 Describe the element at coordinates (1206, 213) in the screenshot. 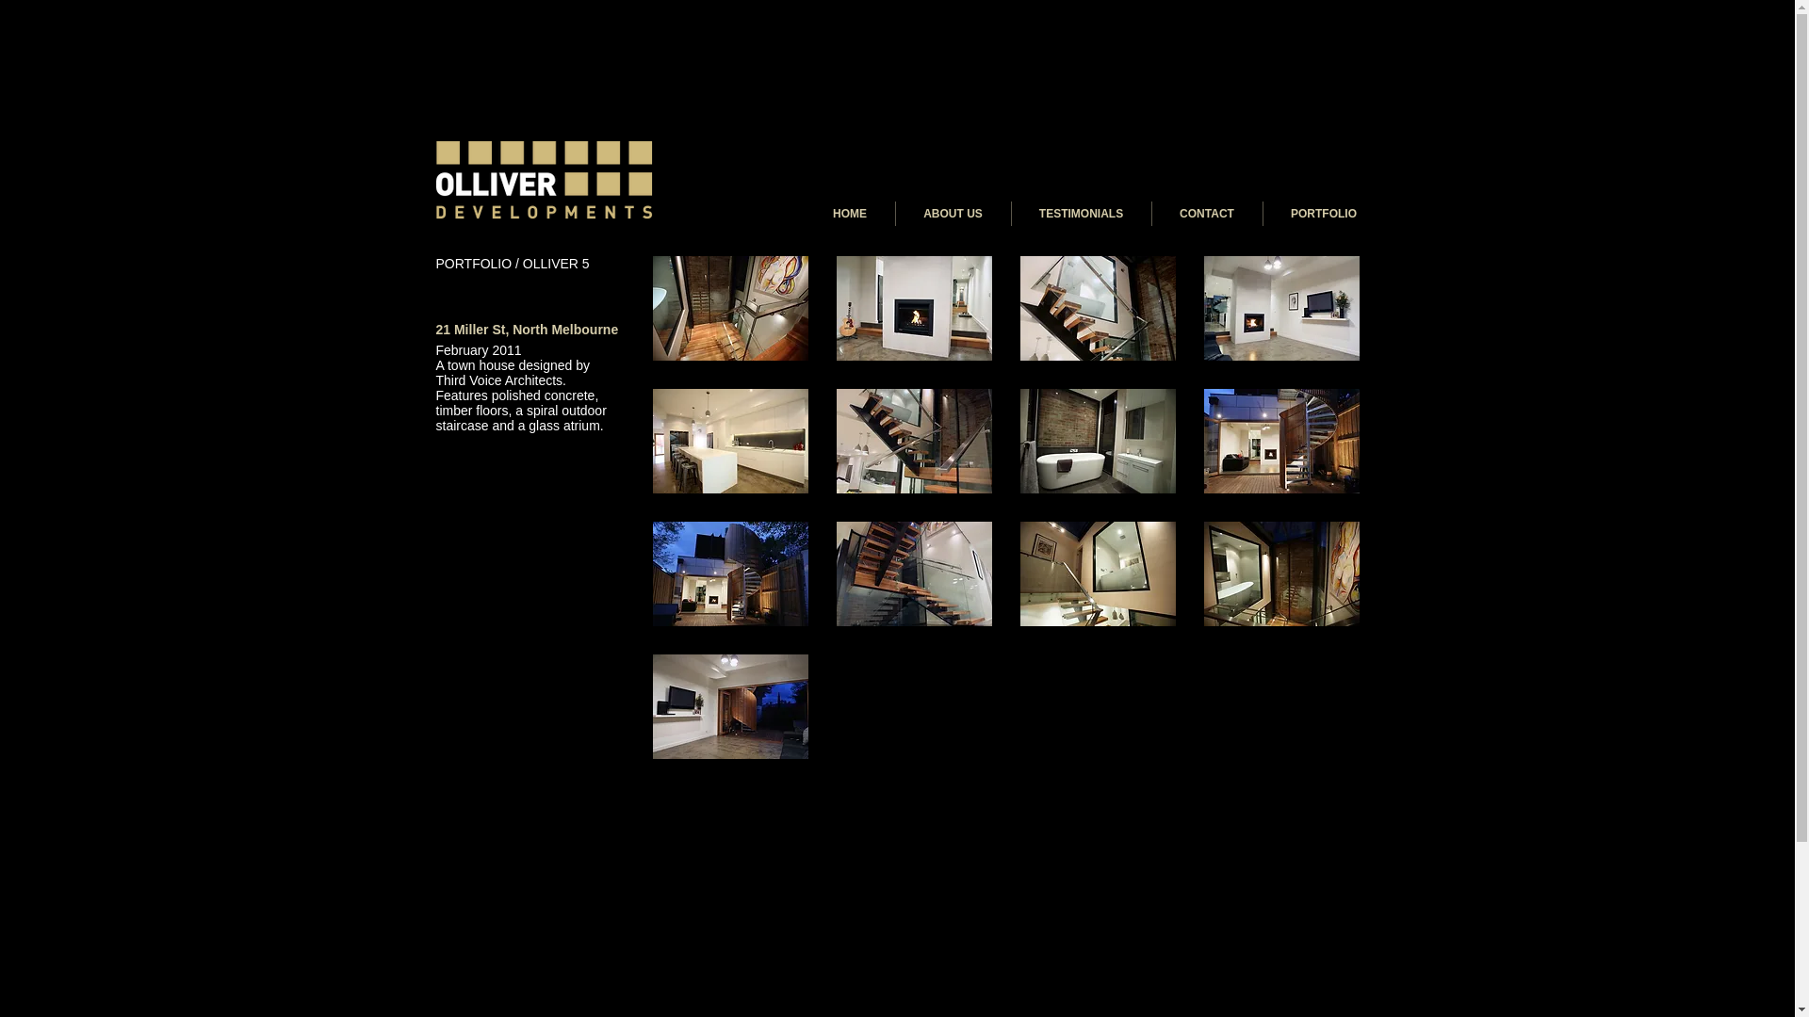

I see `'CONTACT'` at that location.